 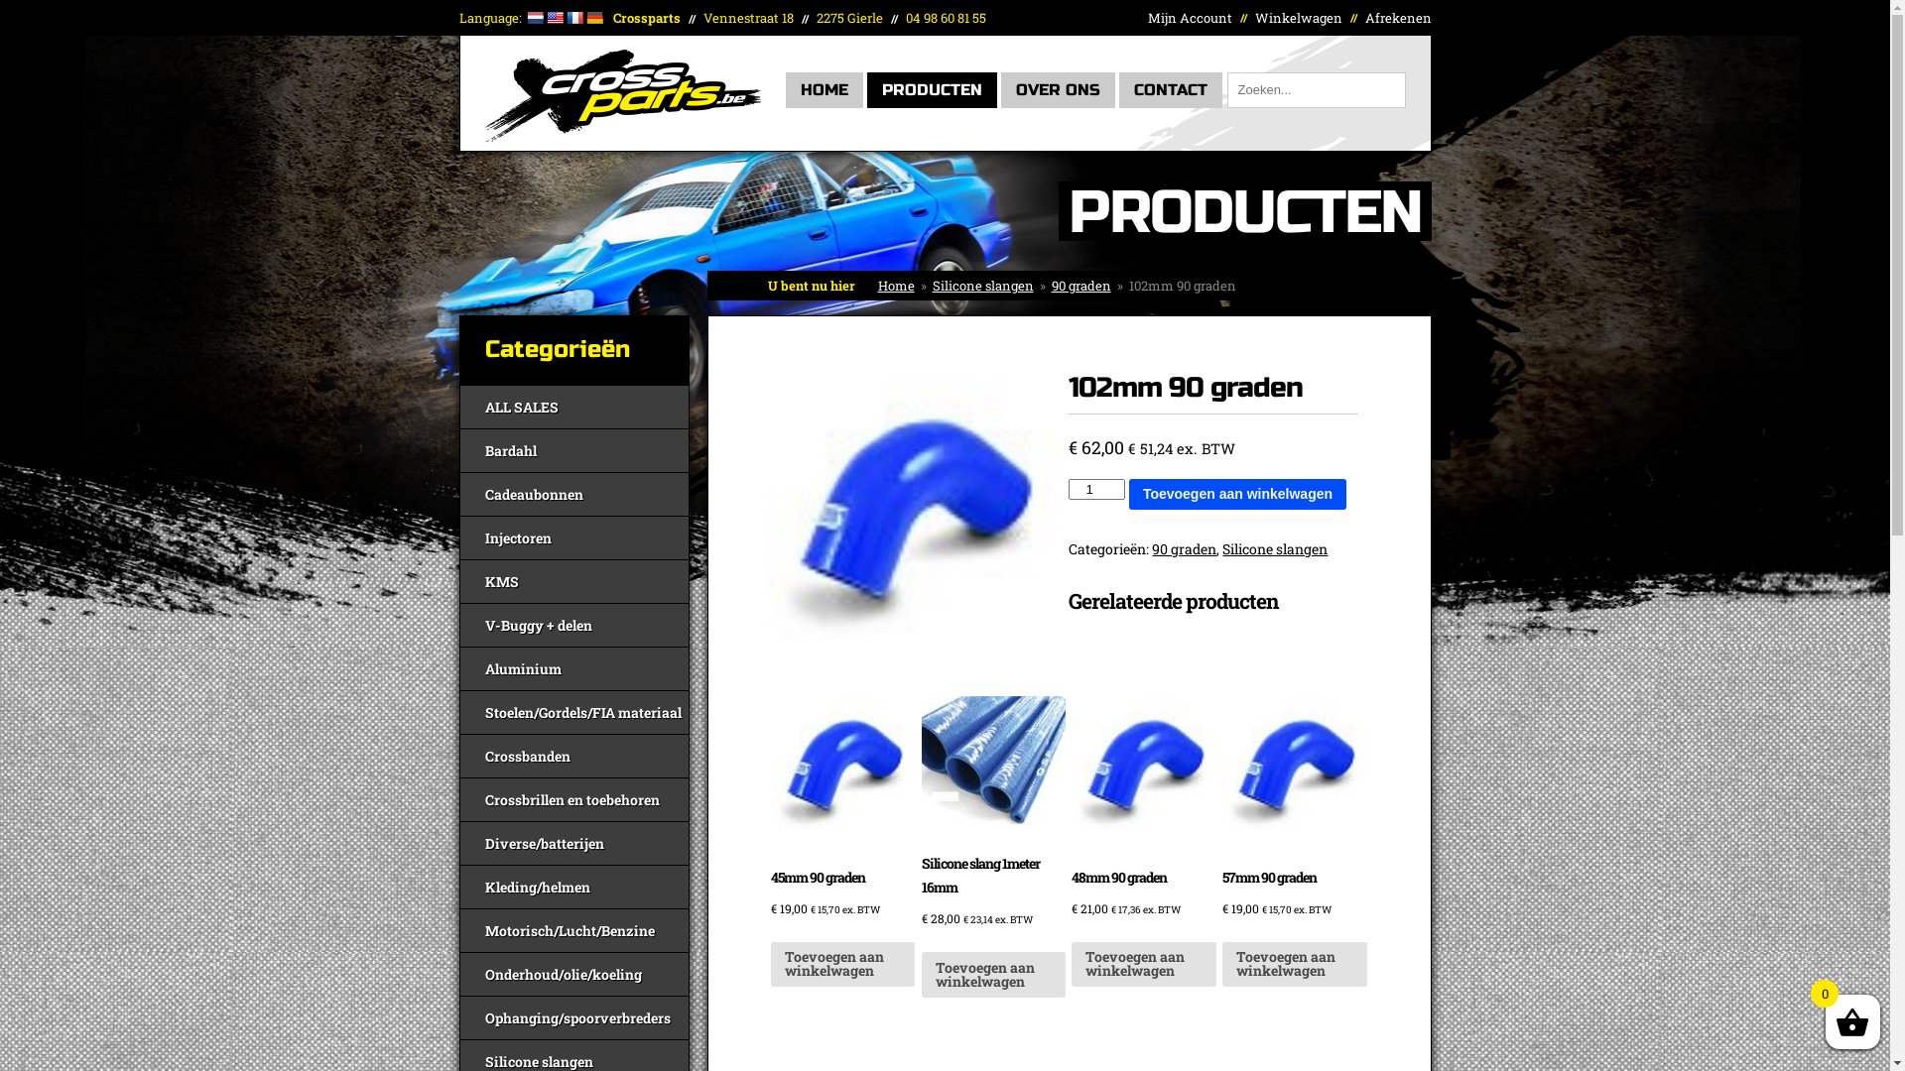 What do you see at coordinates (573, 580) in the screenshot?
I see `'KMS'` at bounding box center [573, 580].